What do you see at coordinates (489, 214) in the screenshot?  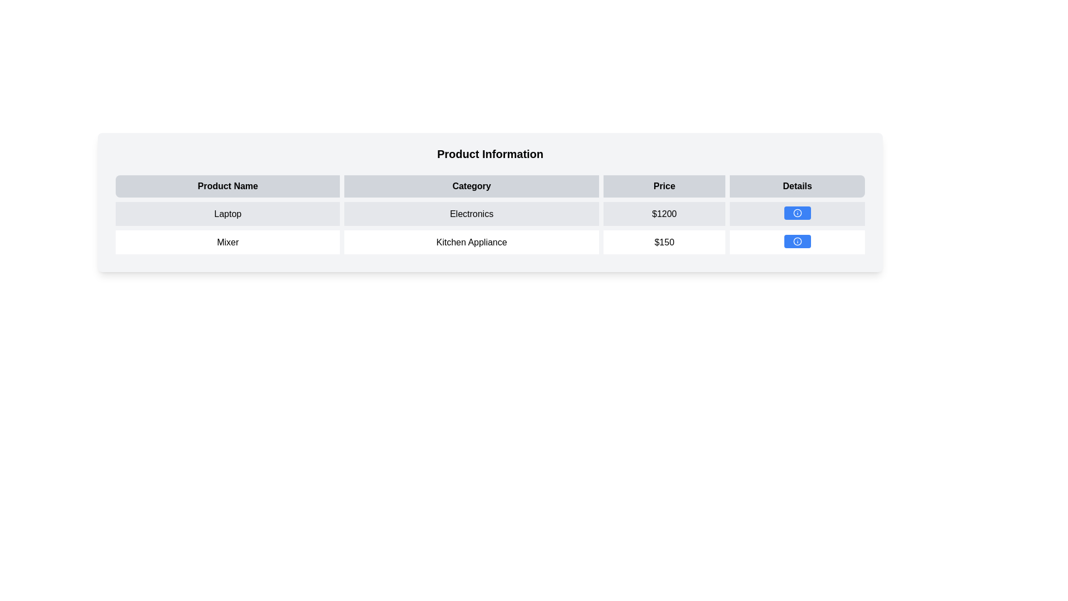 I see `the first row in the data table displaying product information, which includes a product name, category, price, and an action button for more information` at bounding box center [489, 214].